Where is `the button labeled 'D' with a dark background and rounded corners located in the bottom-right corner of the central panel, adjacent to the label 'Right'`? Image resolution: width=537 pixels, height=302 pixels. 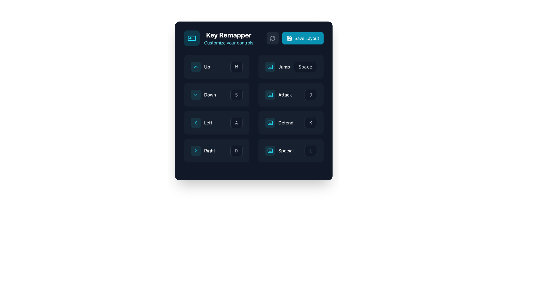 the button labeled 'D' with a dark background and rounded corners located in the bottom-right corner of the central panel, adjacent to the label 'Right' is located at coordinates (236, 150).